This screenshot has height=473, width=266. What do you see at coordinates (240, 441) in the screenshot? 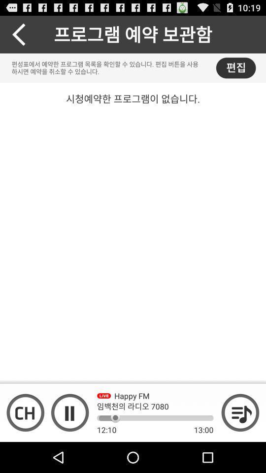
I see `the playlist icon` at bounding box center [240, 441].